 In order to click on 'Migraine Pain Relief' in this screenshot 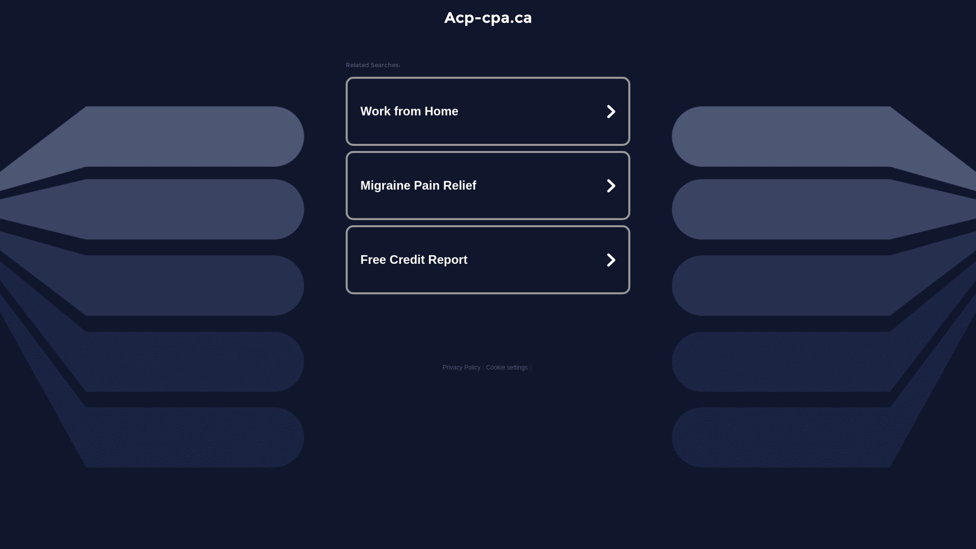, I will do `click(488, 186)`.